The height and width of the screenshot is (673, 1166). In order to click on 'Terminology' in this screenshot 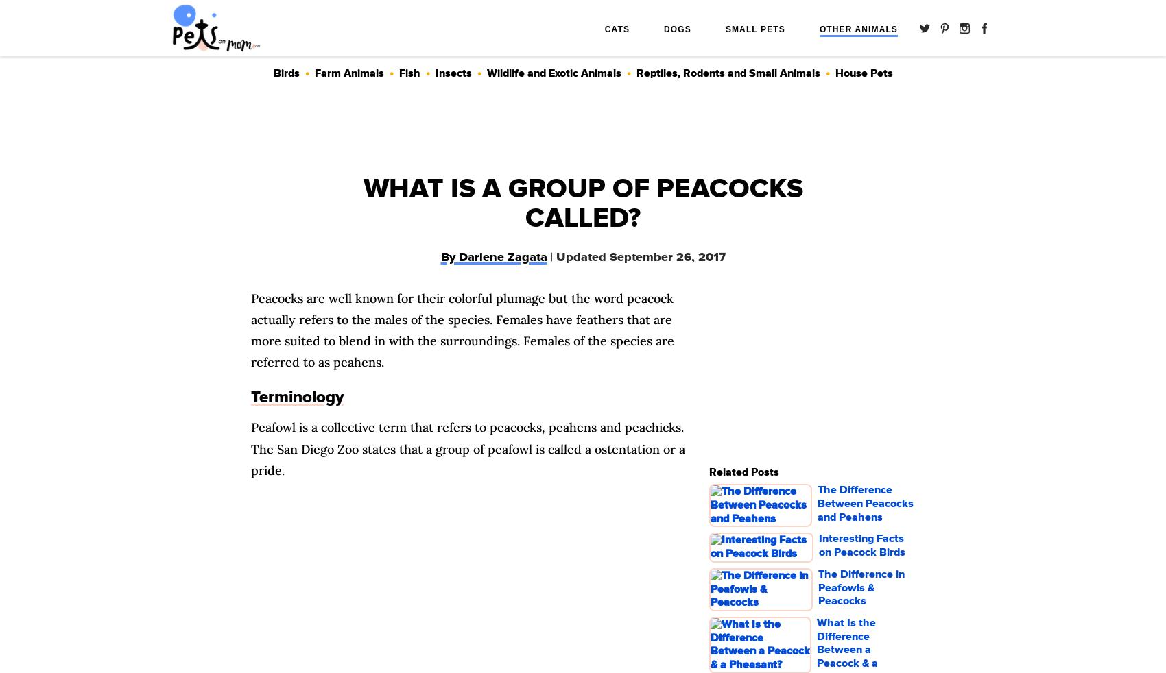, I will do `click(298, 396)`.